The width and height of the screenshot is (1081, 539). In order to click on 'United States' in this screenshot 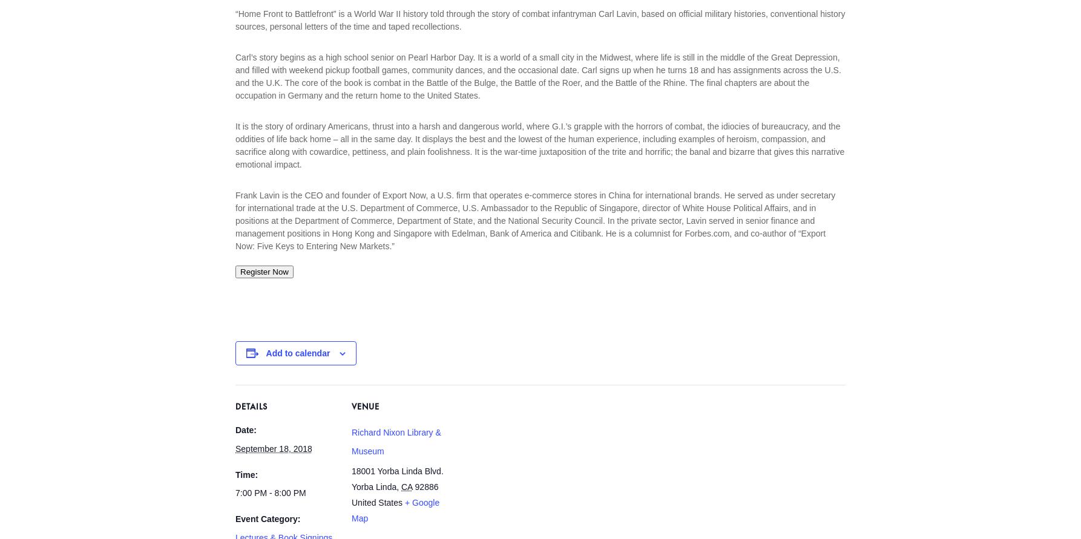, I will do `click(376, 501)`.